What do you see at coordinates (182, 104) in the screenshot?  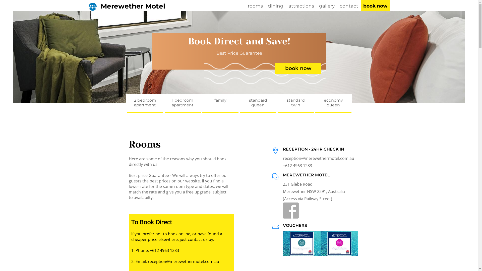 I see `'1 bedroom` at bounding box center [182, 104].